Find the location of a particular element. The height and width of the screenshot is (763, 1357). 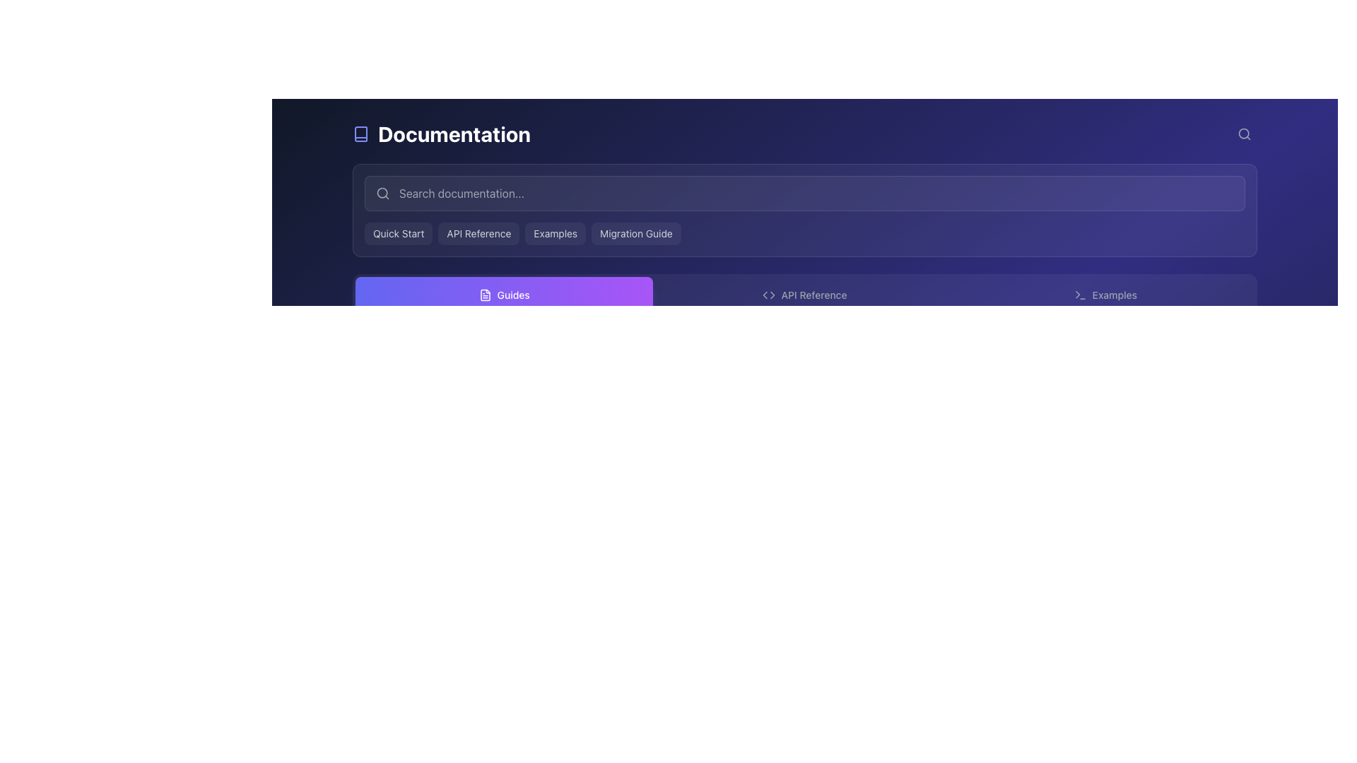

the first navigational button located at the bottom section of the interface, to the left of the 'API Reference' button is located at coordinates (504, 294).